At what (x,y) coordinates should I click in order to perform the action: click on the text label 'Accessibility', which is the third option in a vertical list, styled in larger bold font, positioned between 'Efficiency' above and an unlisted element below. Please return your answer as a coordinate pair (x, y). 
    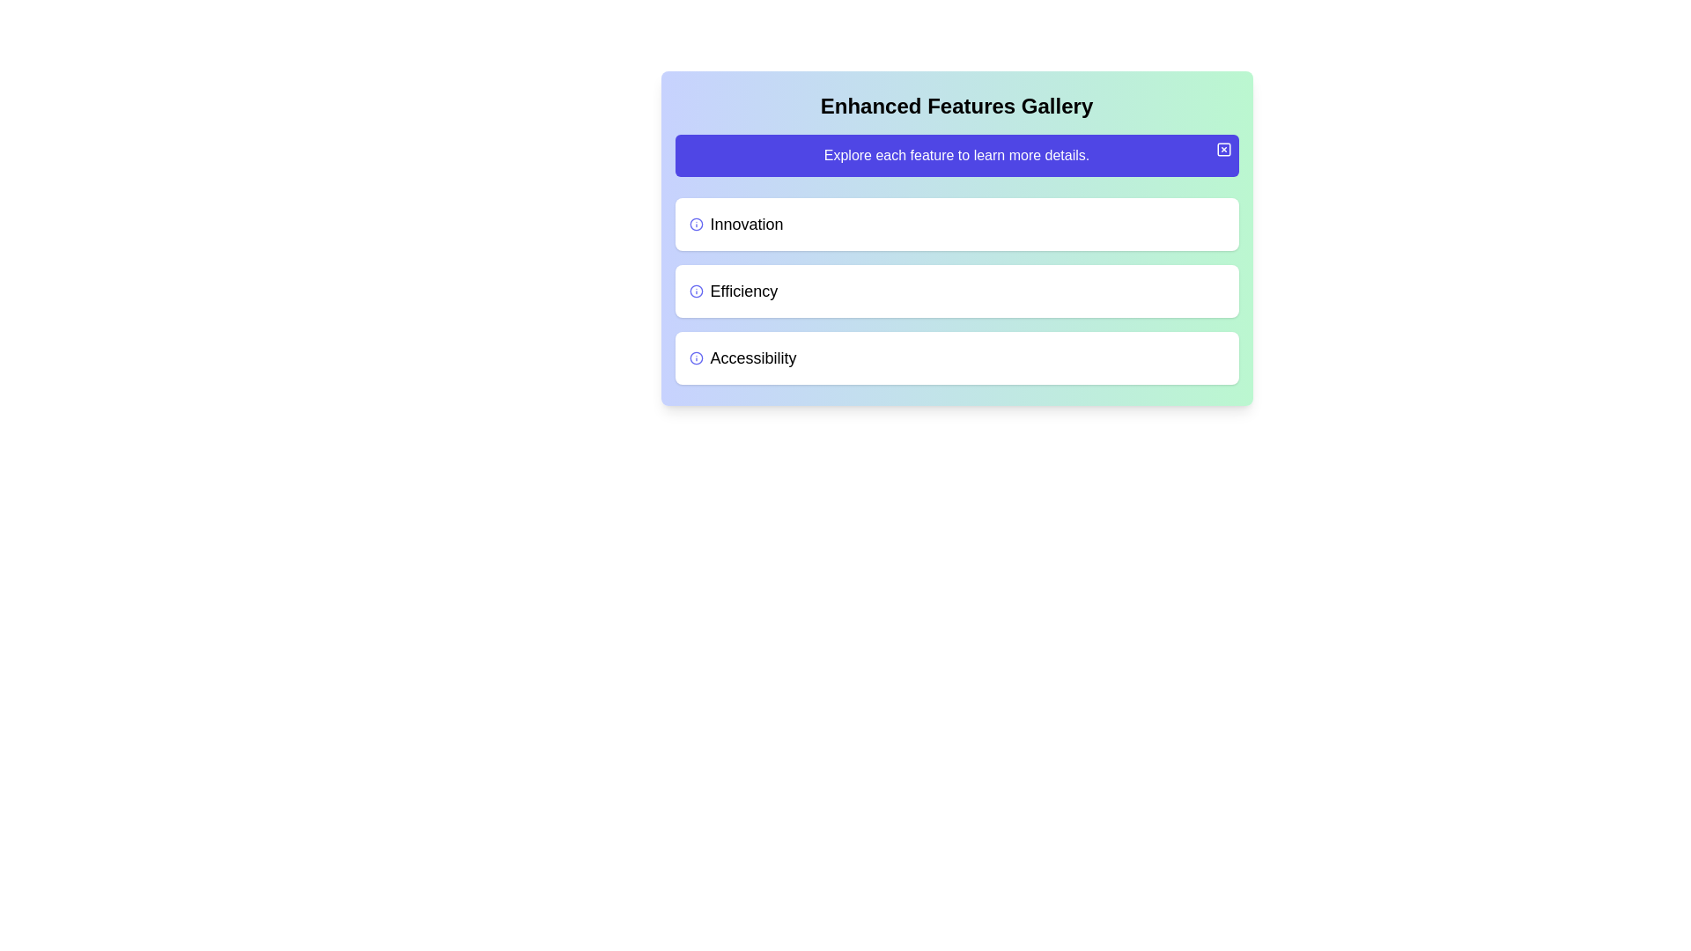
    Looking at the image, I should click on (753, 358).